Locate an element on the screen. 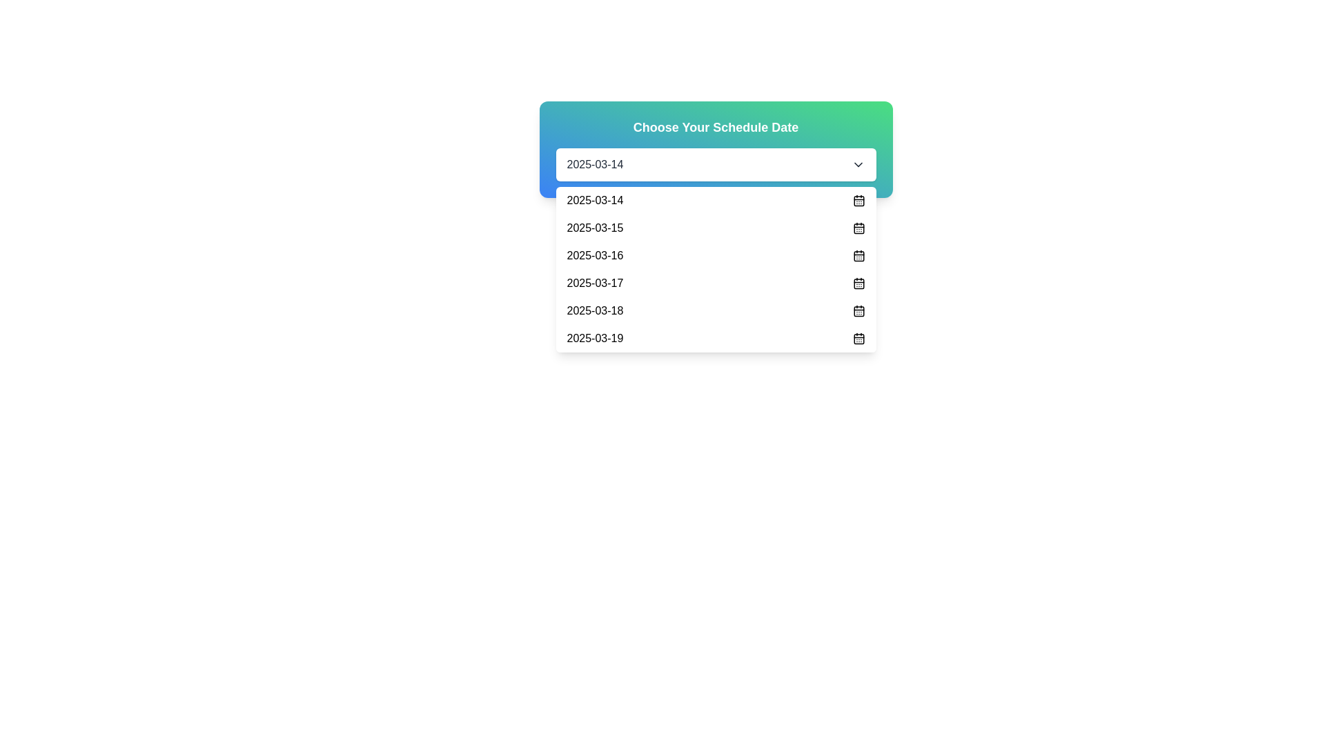 The height and width of the screenshot is (745, 1325). the text '2025-03-14' in the dropdown list item is located at coordinates (595, 200).